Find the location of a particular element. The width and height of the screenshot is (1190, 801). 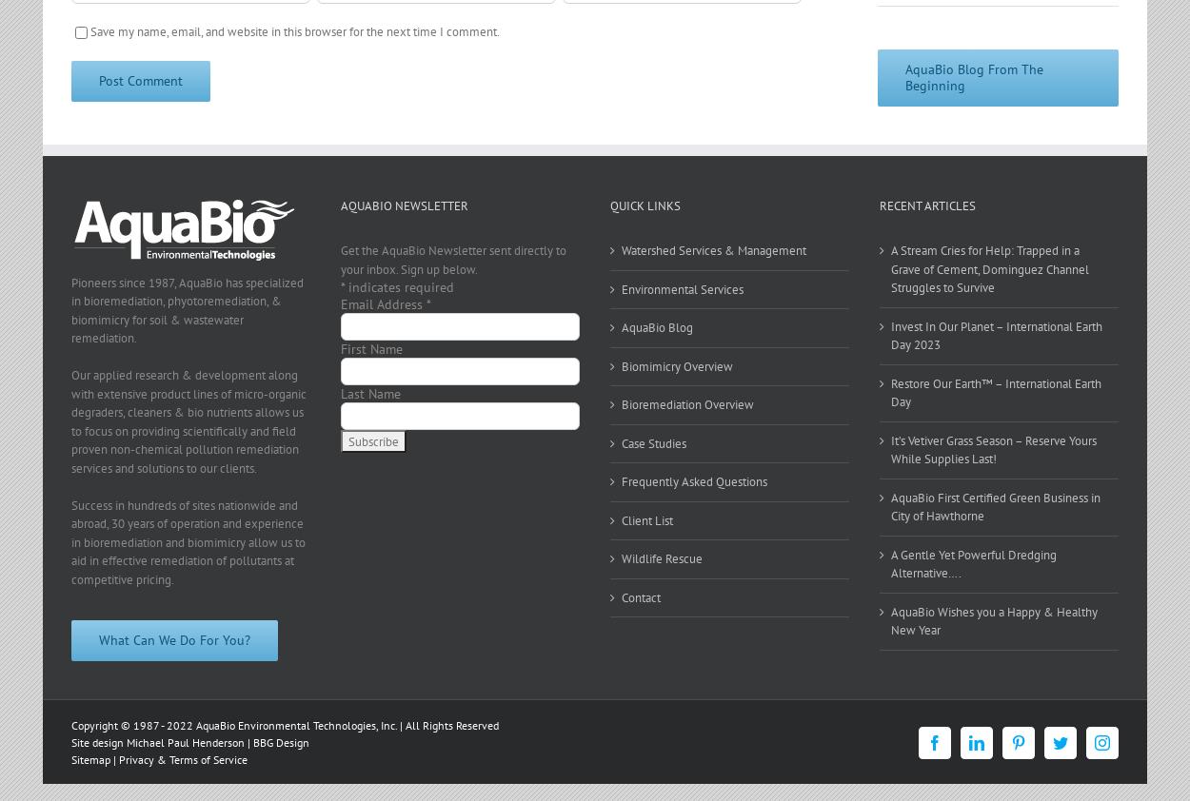

'AquaBio Blog From The Beginning' is located at coordinates (904, 75).